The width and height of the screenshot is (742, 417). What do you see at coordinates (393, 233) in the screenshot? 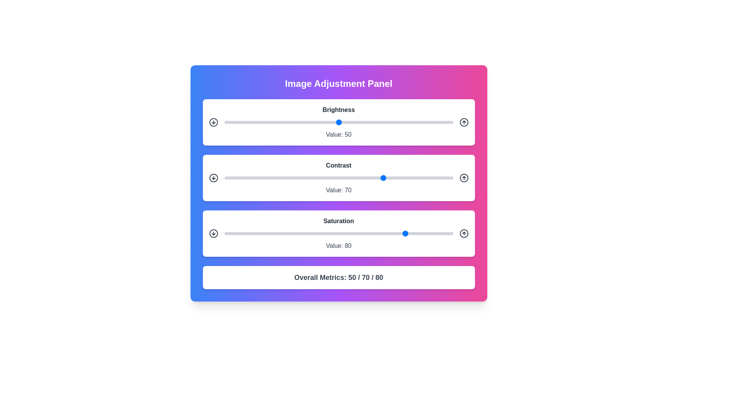
I see `saturation` at bounding box center [393, 233].